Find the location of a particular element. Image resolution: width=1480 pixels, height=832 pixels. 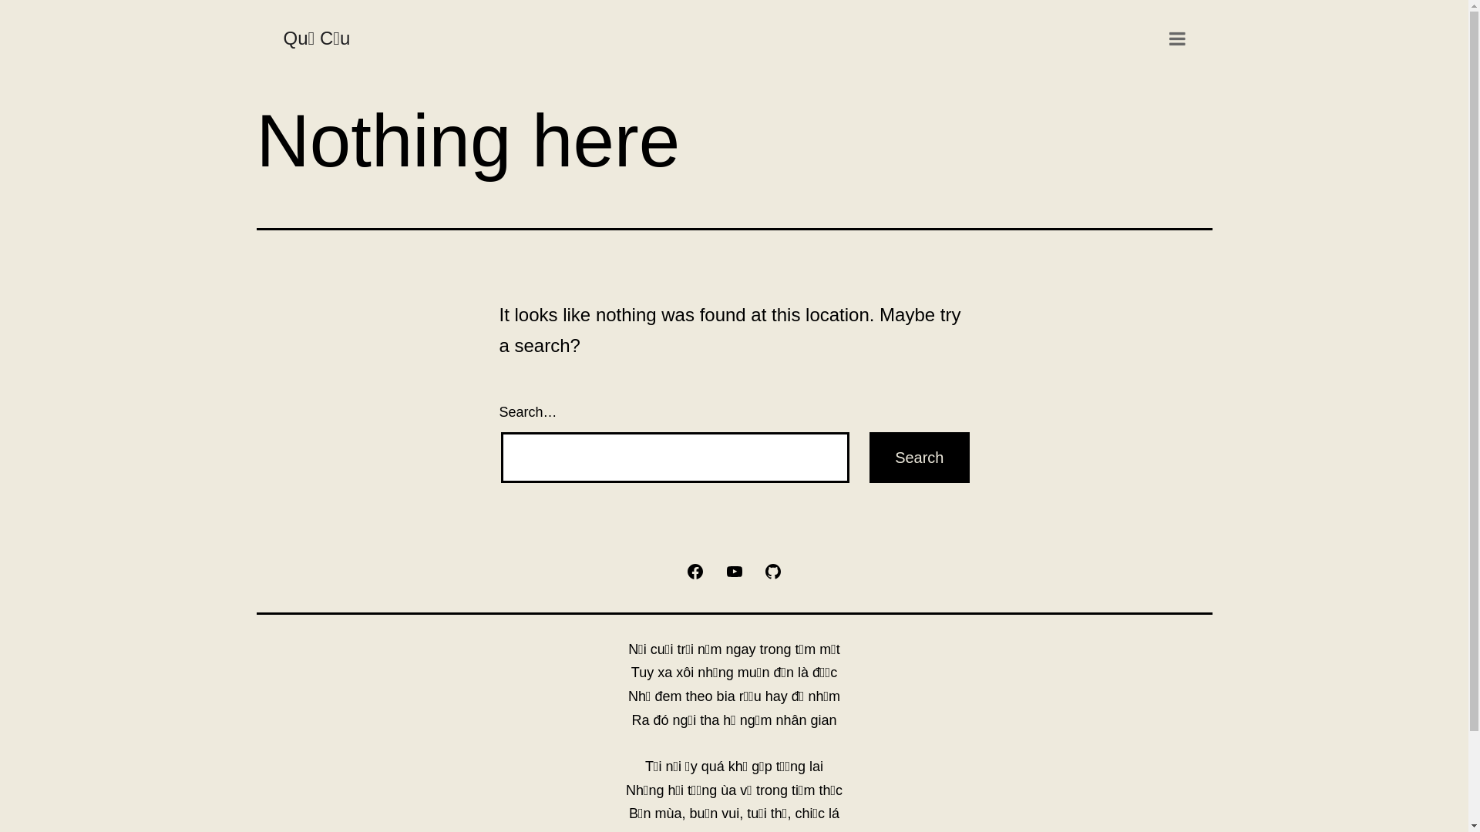

'YouTube' is located at coordinates (732, 570).